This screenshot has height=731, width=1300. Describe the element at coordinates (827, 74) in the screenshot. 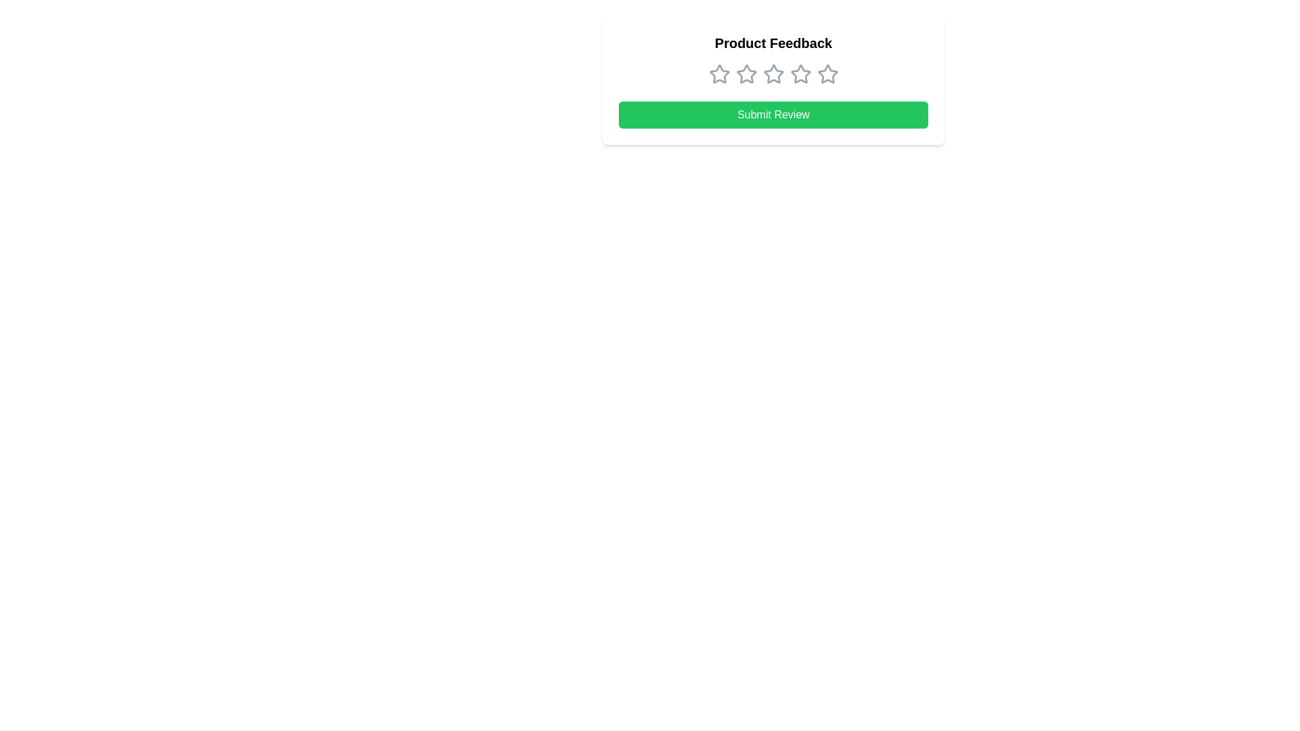

I see `the fifth star icon with a light gray outline under the 'Product Feedback' title` at that location.